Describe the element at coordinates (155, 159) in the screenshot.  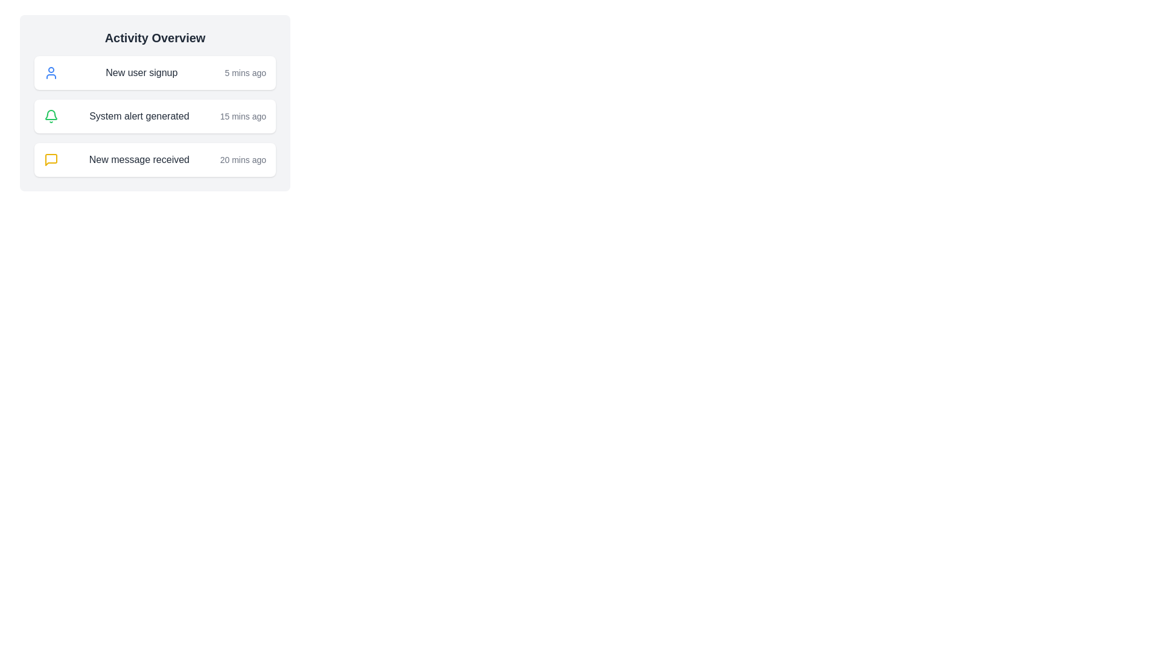
I see `notification details from the Notification card indicating a new message received 20 minutes ago, which is the third item in the vertical list of notifications under the 'Activity Overview' panel` at that location.